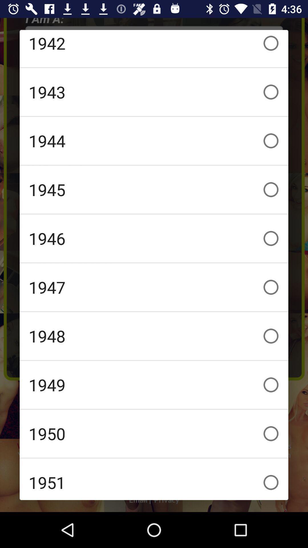 The height and width of the screenshot is (548, 308). Describe the element at coordinates (154, 238) in the screenshot. I see `the 1946 icon` at that location.